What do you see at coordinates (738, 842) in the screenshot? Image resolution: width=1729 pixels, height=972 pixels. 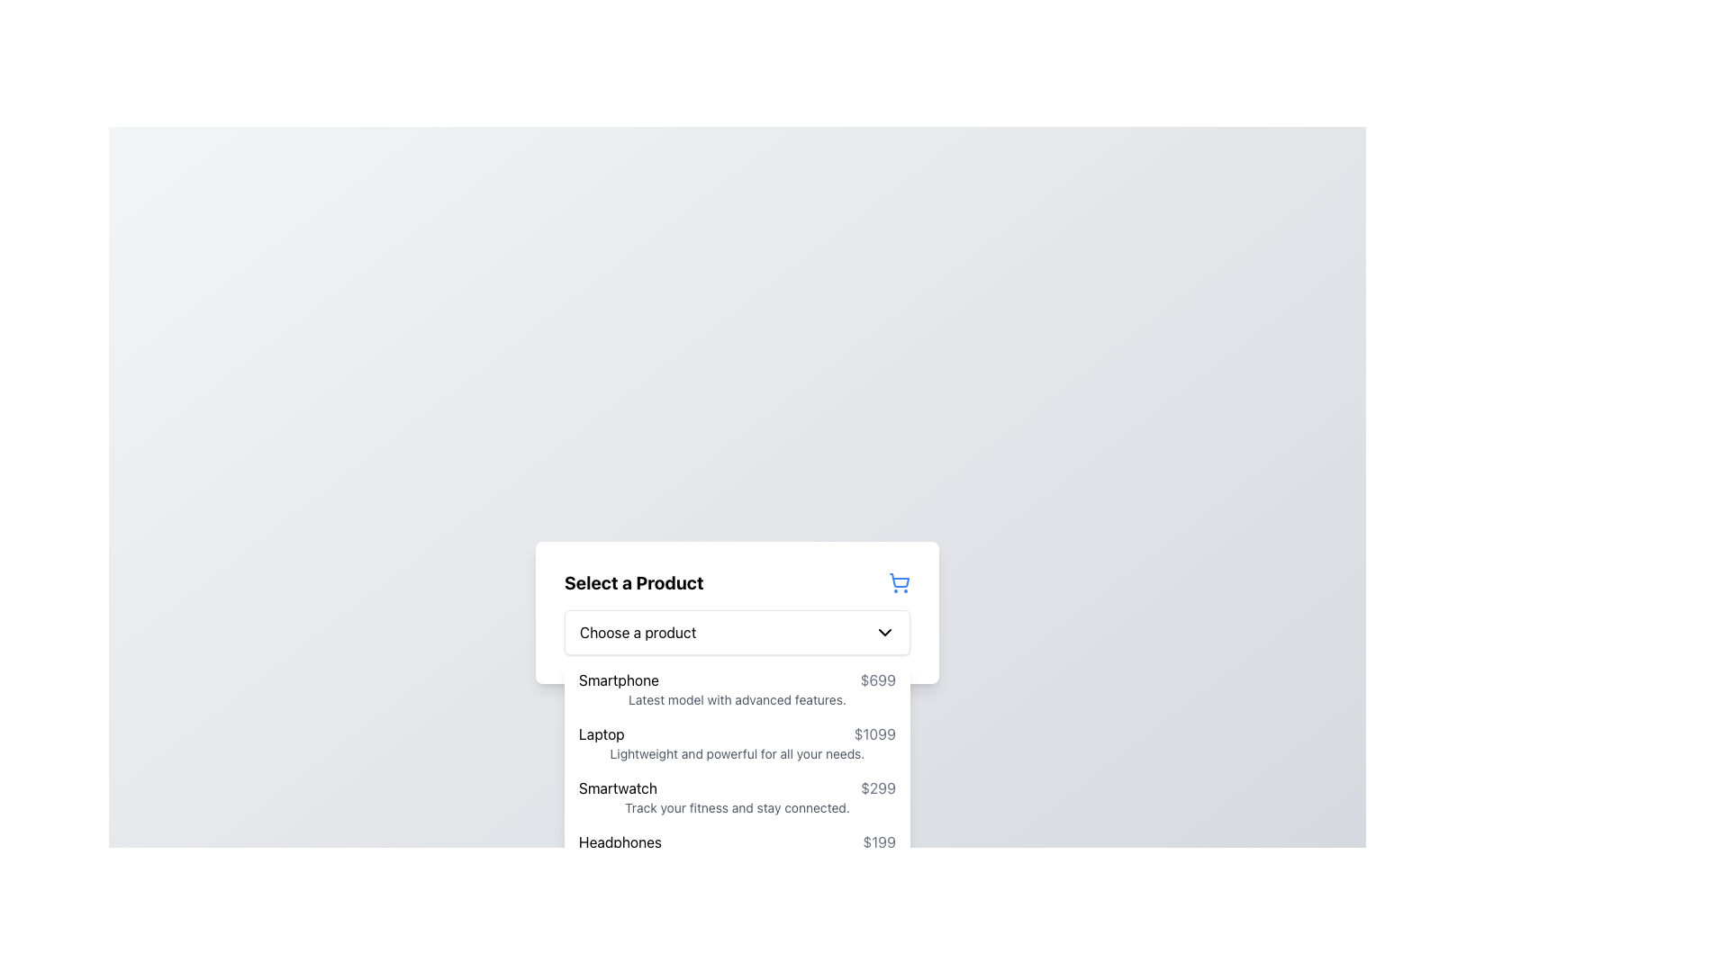 I see `the product listing display element located at the bottom of the 'Select a Product' dropdown menu` at bounding box center [738, 842].